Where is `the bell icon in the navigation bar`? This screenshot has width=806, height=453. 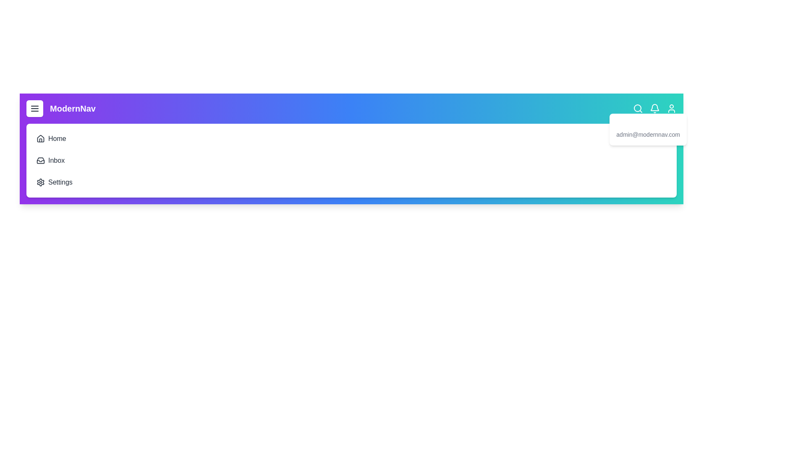 the bell icon in the navigation bar is located at coordinates (654, 108).